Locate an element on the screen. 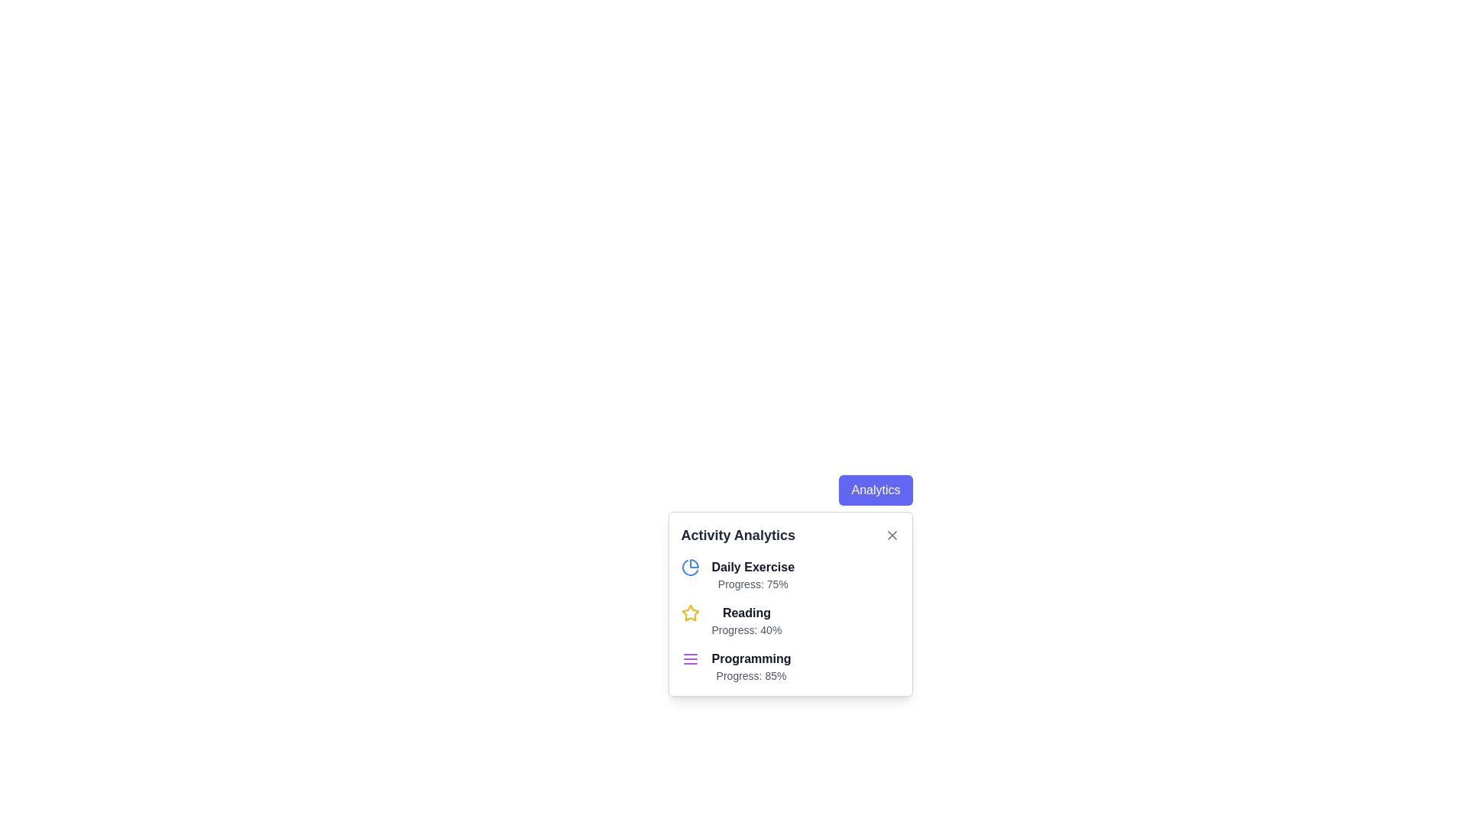  the topmost content display group in the 'Activity Analytics' card that shows the progress of a daily exercise activity at 75% is located at coordinates (790, 574).